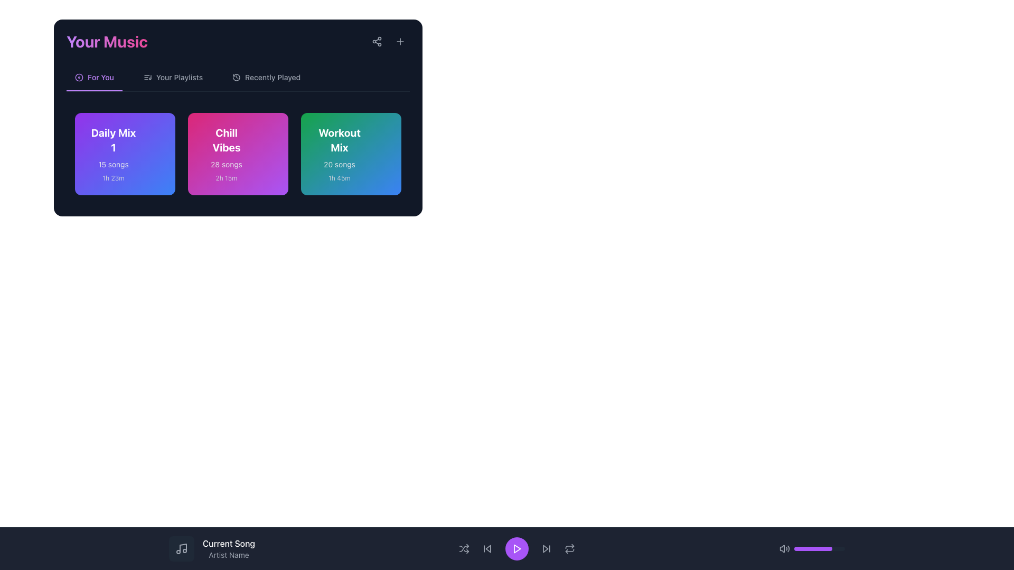  I want to click on the triangular arrow icon representing the next action located to the right of the play button to skip to the next track, so click(546, 548).